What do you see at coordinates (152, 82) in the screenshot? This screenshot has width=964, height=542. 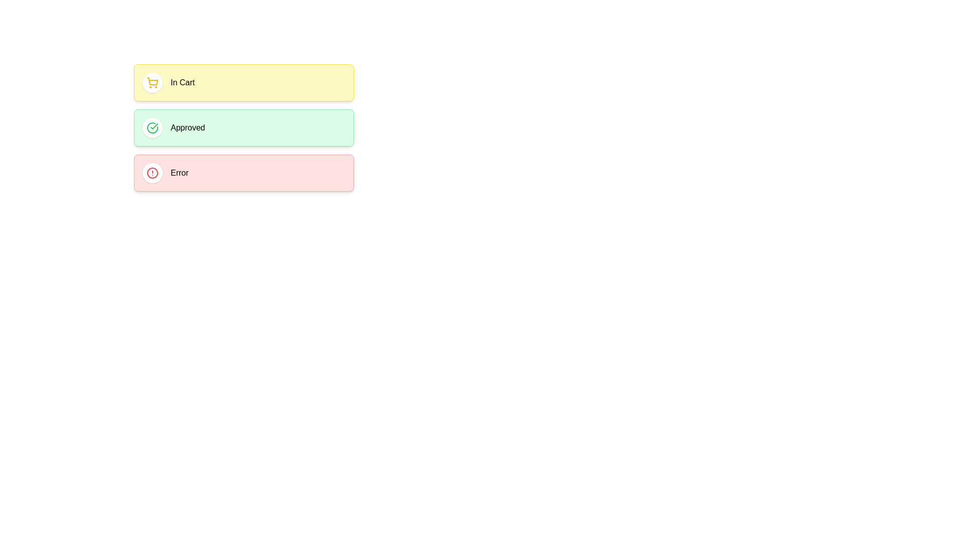 I see `the shopping cart icon with a yellow fill that is located in the 'In Cart' section at the top of the stack` at bounding box center [152, 82].